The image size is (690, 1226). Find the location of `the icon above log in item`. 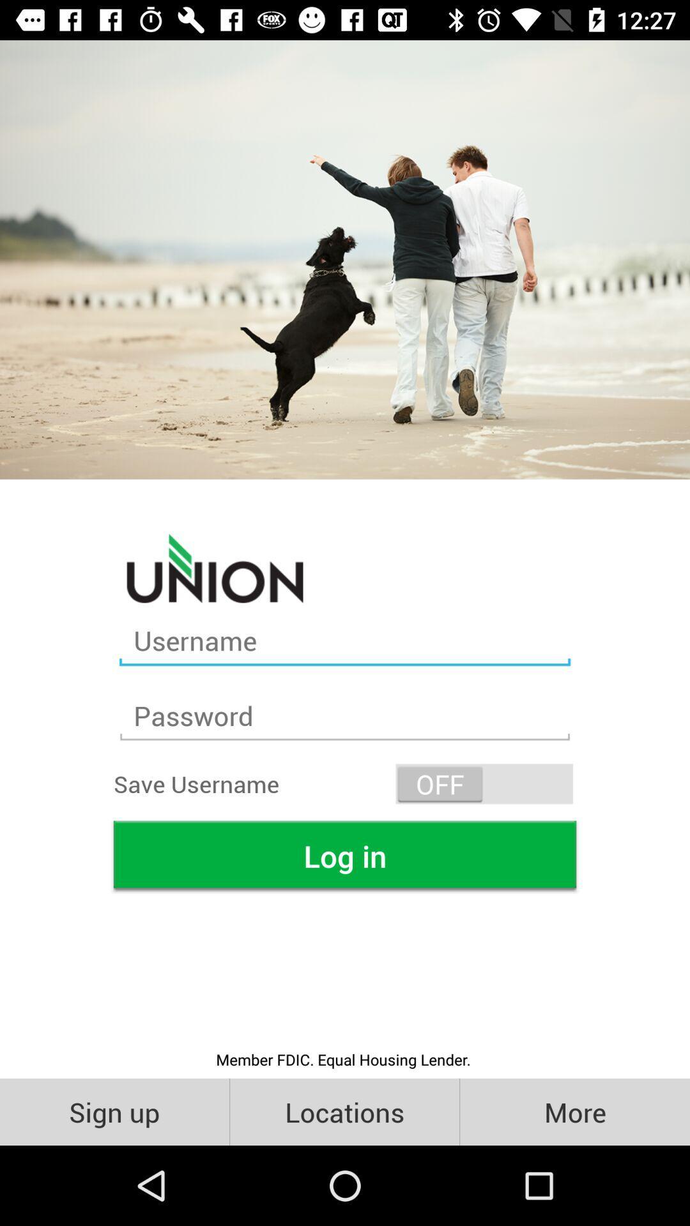

the icon above log in item is located at coordinates (484, 783).